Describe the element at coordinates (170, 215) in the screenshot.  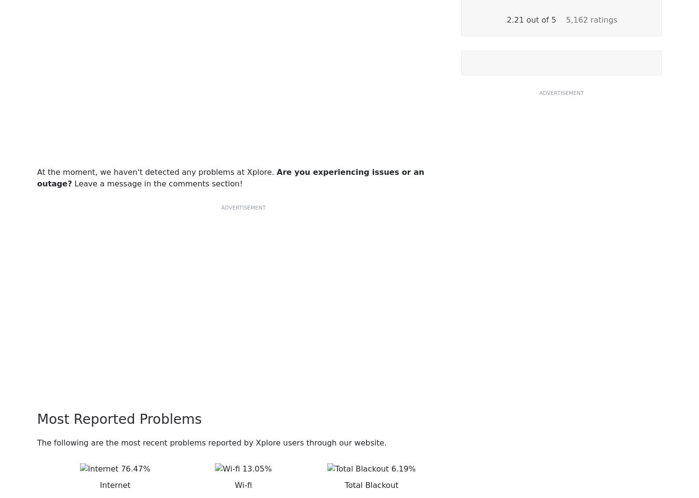
I see `'@Xplornet is the internet down in Gravenhurst area'` at that location.